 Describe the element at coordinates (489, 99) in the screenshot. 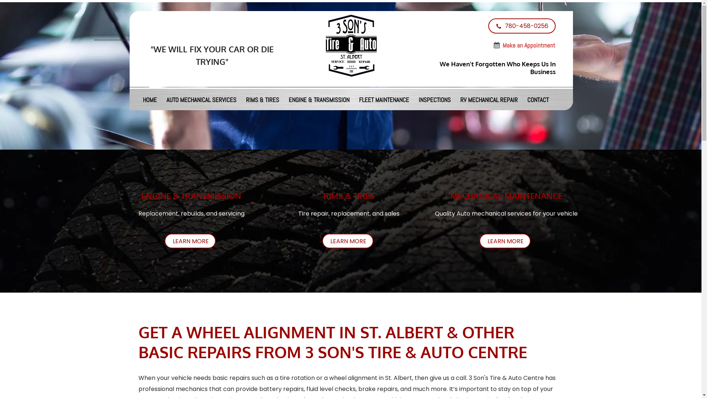

I see `'RV MECHANICAL REPAIR'` at that location.